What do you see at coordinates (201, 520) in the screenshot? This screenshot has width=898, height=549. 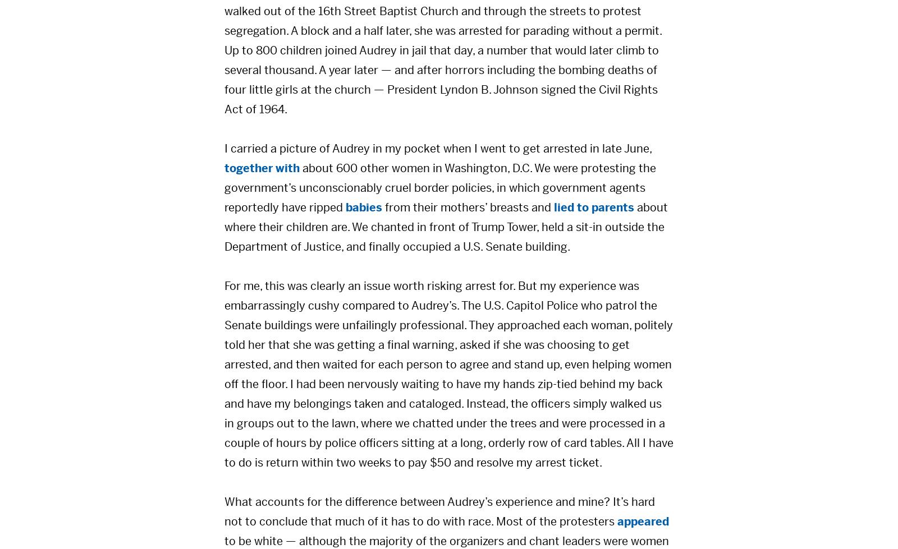 I see `'New York Office'` at bounding box center [201, 520].